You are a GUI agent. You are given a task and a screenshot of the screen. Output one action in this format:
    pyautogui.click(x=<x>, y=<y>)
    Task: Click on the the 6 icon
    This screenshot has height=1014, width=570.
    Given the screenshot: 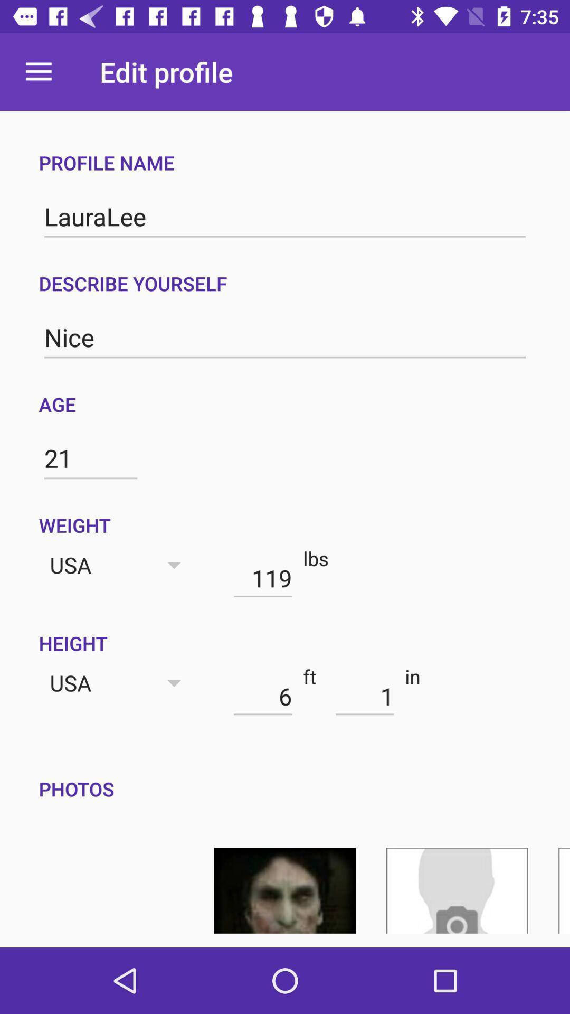 What is the action you would take?
    pyautogui.click(x=262, y=696)
    